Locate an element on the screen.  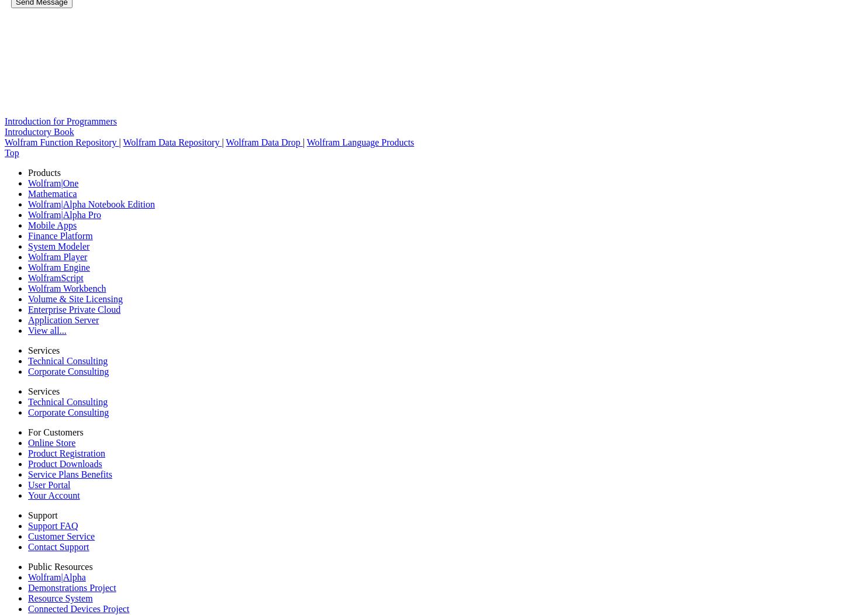
'WolframScript' is located at coordinates (56, 278).